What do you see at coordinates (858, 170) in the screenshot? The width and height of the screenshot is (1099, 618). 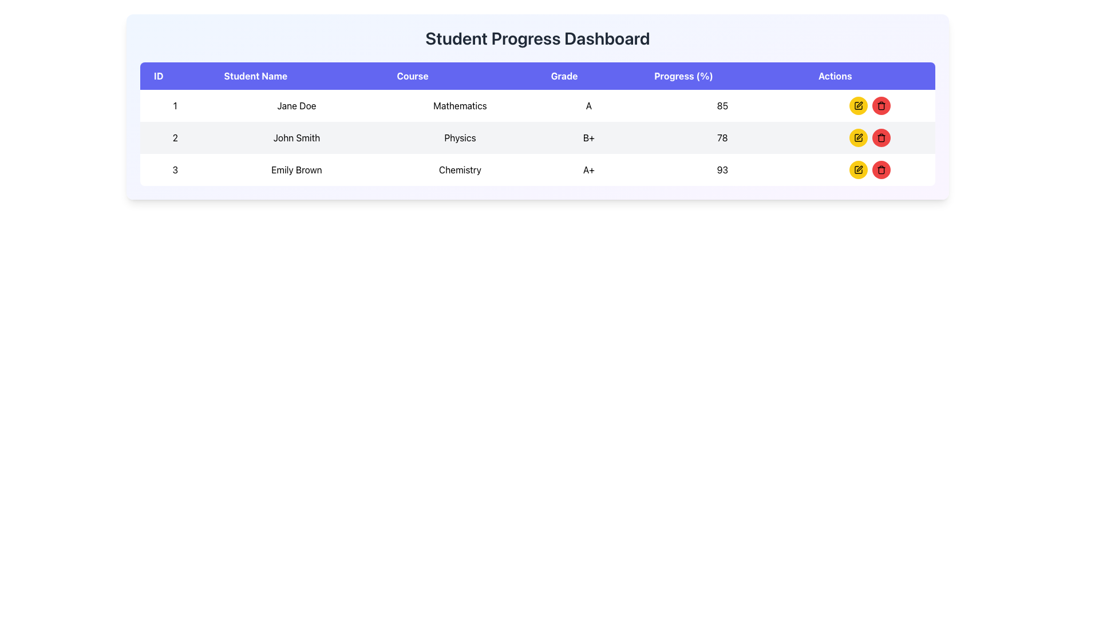 I see `the edit button located in the first icon of the 'Actions' column in the third row of the 'Student Progress Dashboard' table` at bounding box center [858, 170].